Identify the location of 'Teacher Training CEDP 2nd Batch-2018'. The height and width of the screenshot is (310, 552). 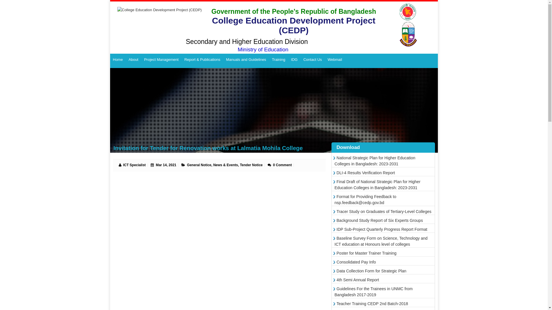
(334, 303).